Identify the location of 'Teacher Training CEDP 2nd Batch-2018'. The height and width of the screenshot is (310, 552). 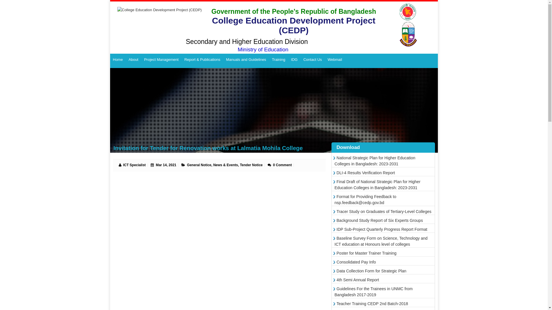
(334, 303).